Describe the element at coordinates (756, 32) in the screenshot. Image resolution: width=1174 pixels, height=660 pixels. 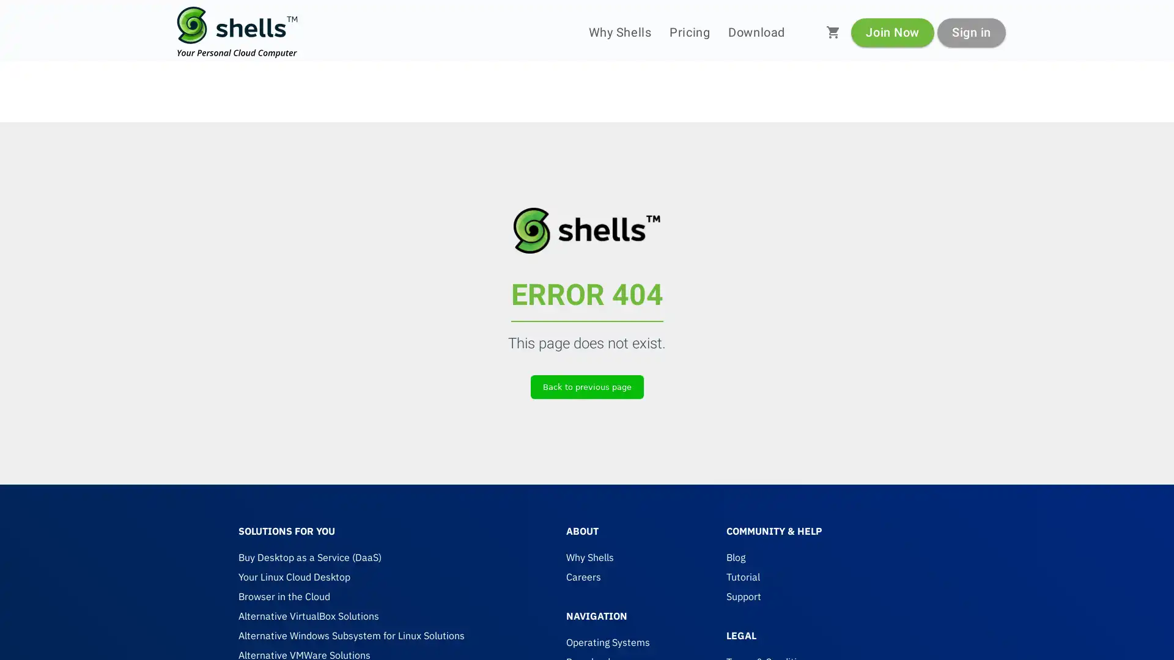
I see `Download` at that location.